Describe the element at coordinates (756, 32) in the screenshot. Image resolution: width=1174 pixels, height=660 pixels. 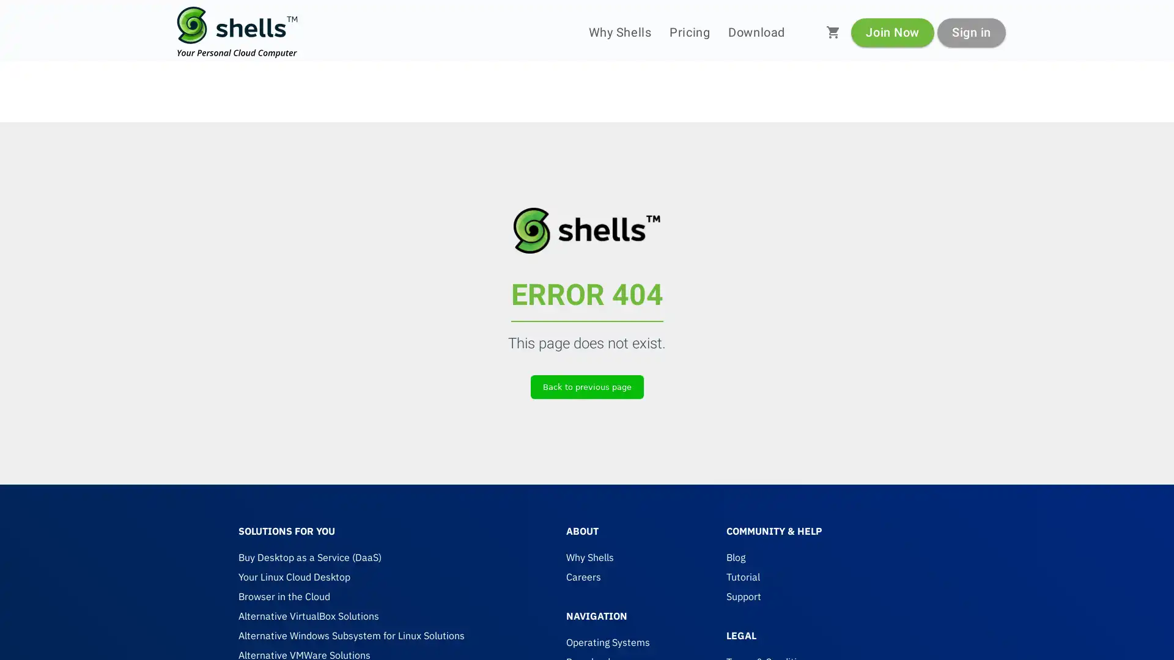
I see `Download` at that location.